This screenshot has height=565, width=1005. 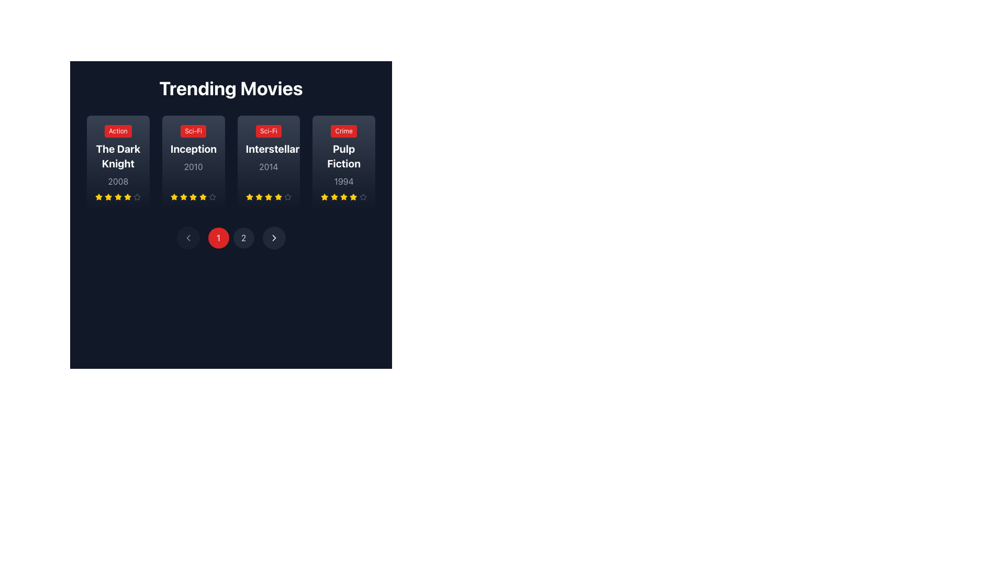 What do you see at coordinates (344, 197) in the screenshot?
I see `Rating display component for the movie 'Pulp Fiction', which consists of five star icons, with the first four stars filled in yellow, indicating selection, and the fifth star outlined in gray, indicating it is inactive. This component is located below the text '1994'` at bounding box center [344, 197].